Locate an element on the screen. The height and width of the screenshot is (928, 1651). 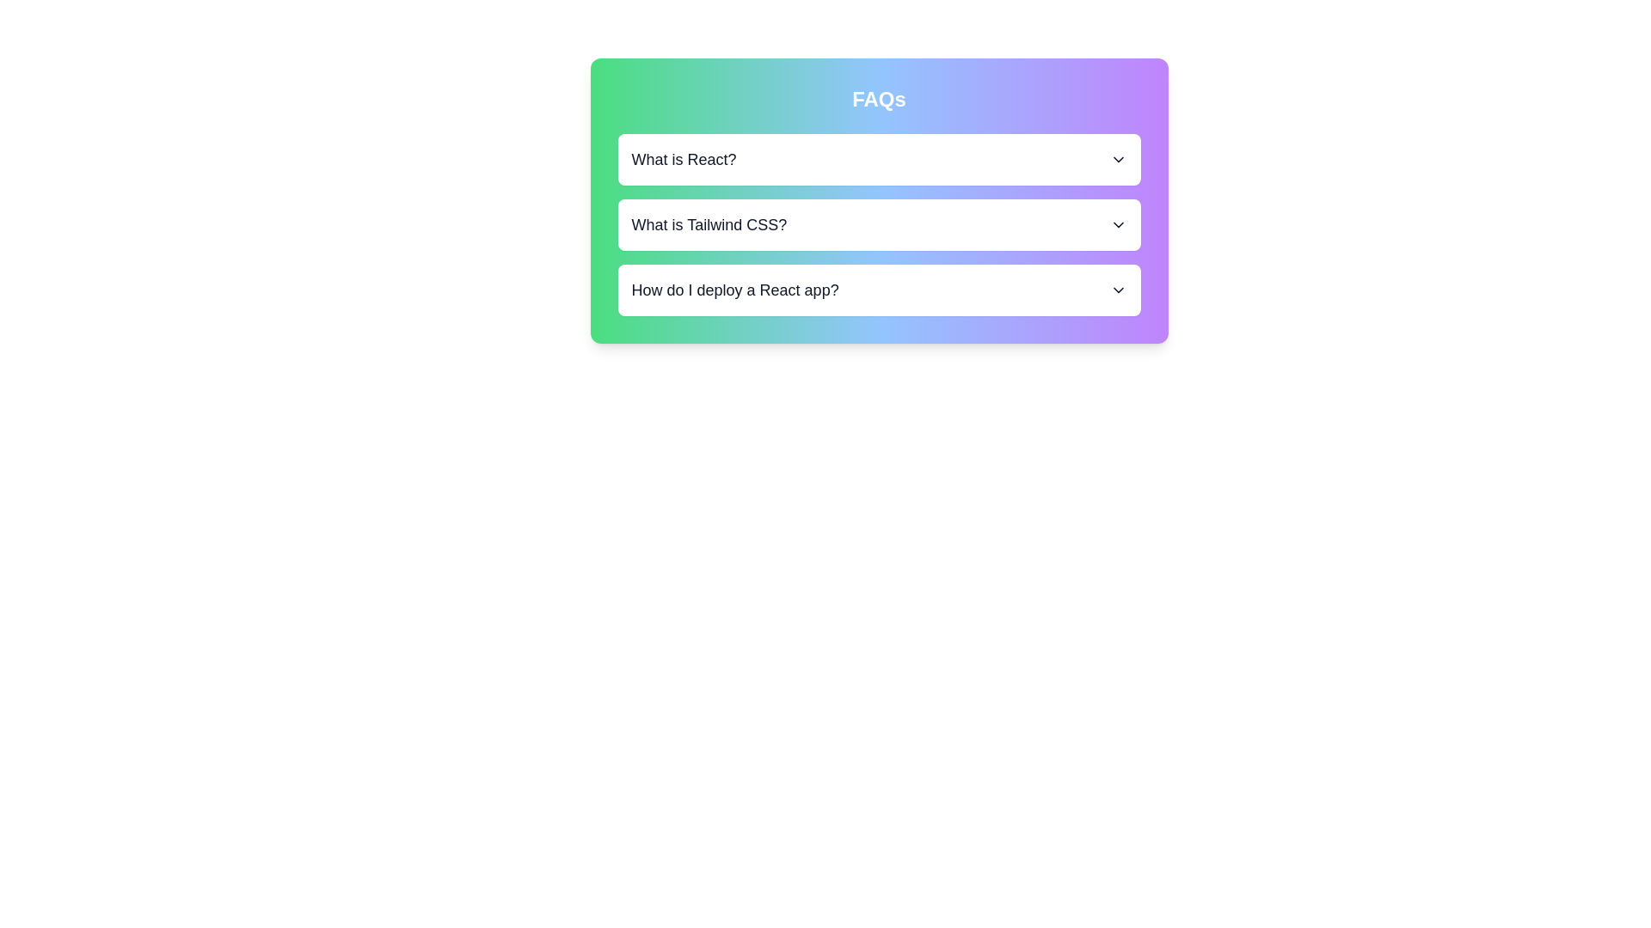
text label that says 'What is Tailwind CSS?' located in the FAQ section, positioned between 'What is React?' and 'How do I deploy a React app?' is located at coordinates (709, 224).